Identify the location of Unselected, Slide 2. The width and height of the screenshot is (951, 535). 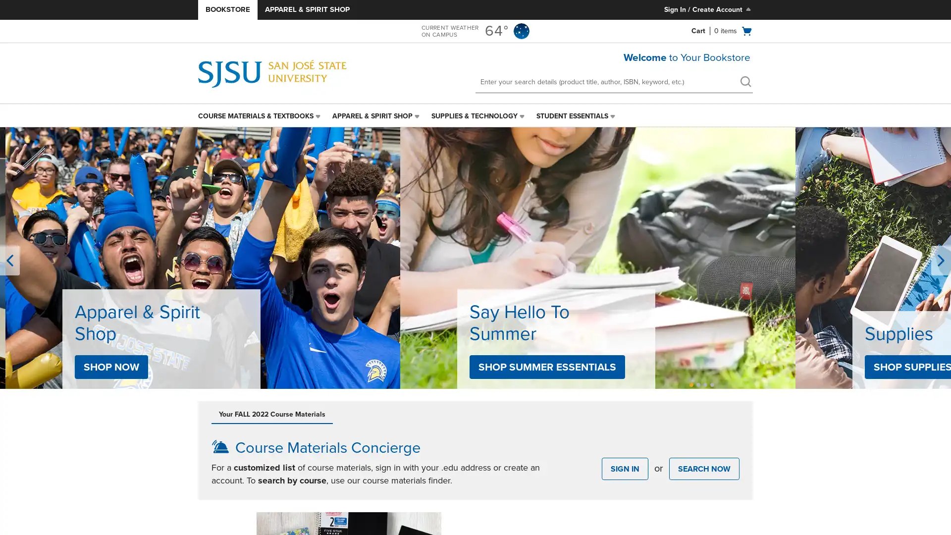
(698, 384).